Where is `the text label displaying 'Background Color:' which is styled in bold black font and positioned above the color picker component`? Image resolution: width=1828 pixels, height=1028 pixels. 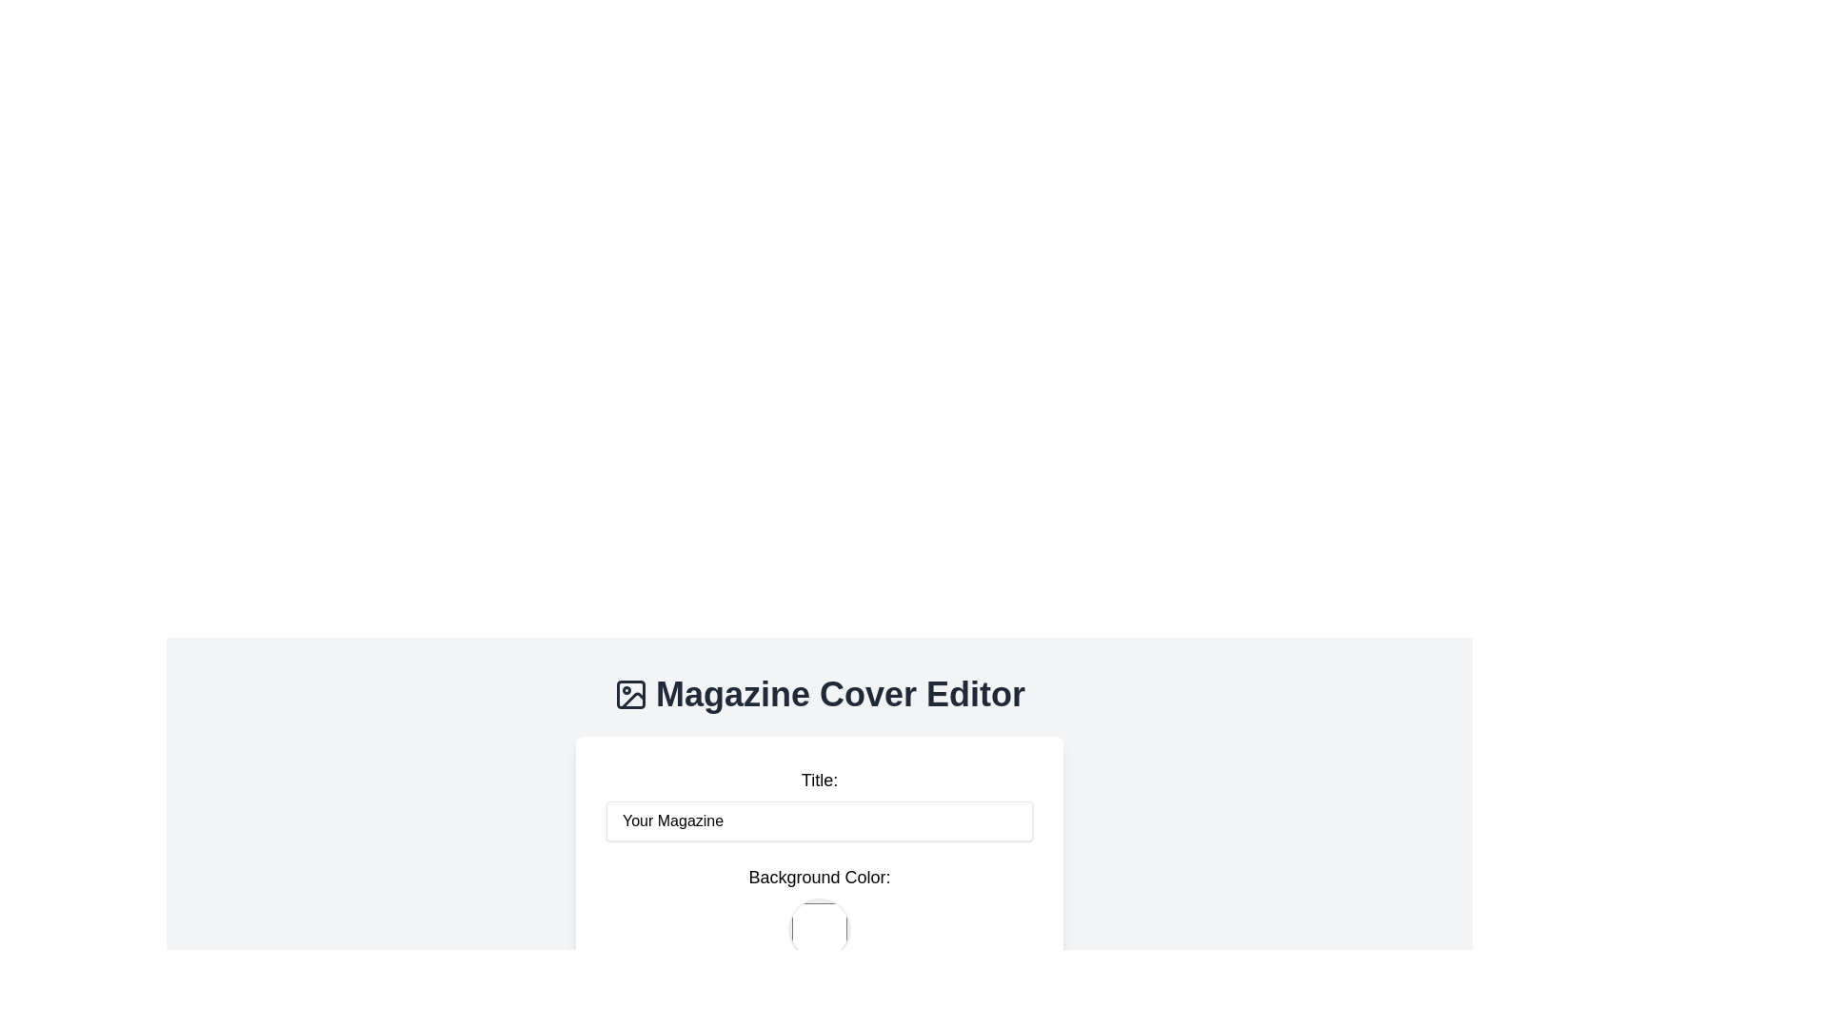
the text label displaying 'Background Color:' which is styled in bold black font and positioned above the color picker component is located at coordinates (819, 877).